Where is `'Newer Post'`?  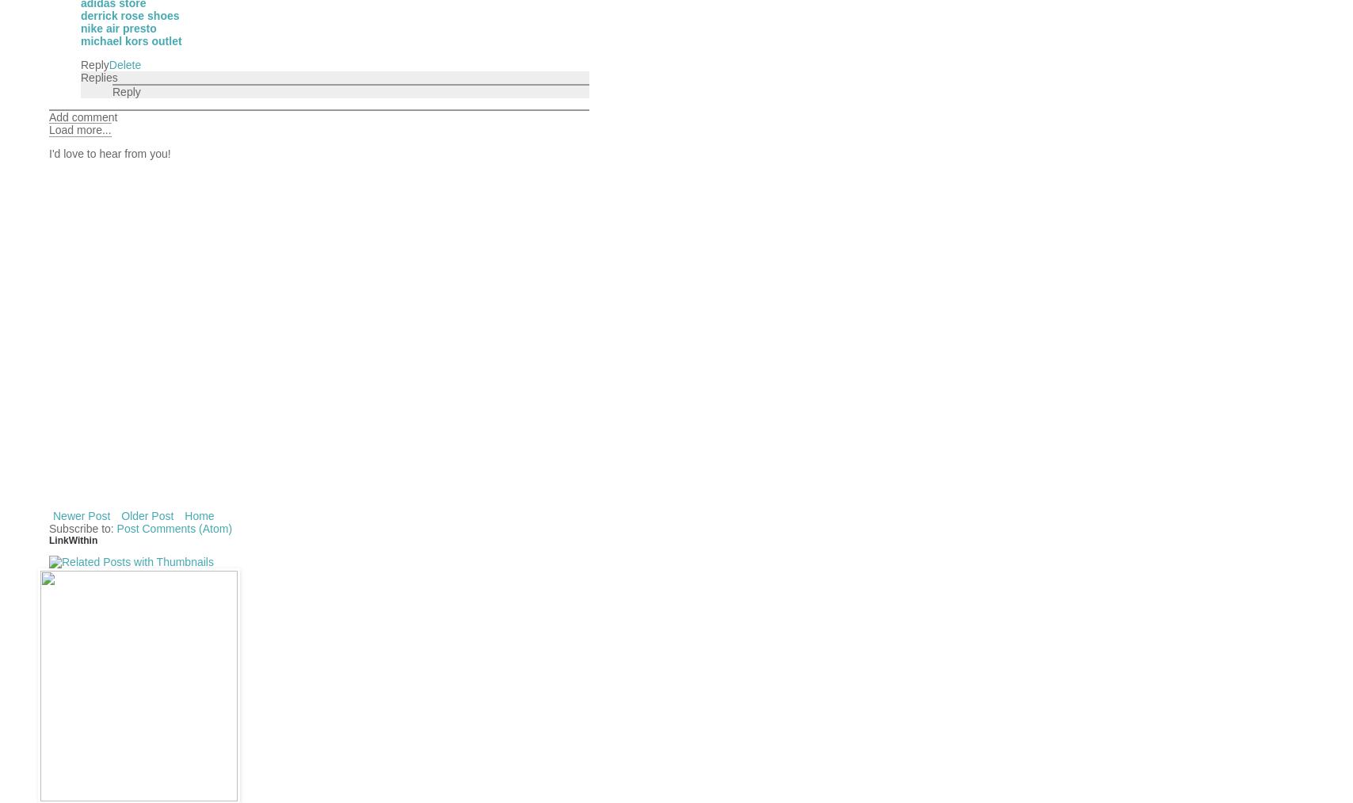
'Newer Post' is located at coordinates (81, 514).